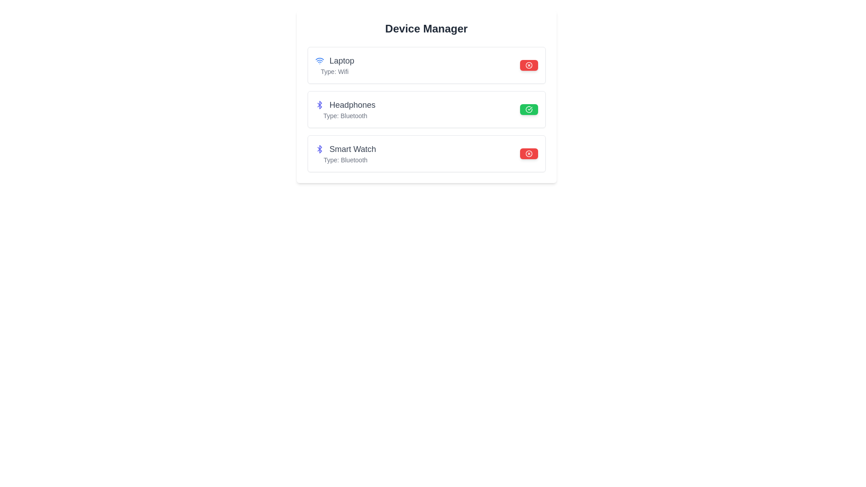 Image resolution: width=866 pixels, height=487 pixels. Describe the element at coordinates (319, 149) in the screenshot. I see `the Bluetooth connectivity icon for the 'Smart Watch' device, which is located to the left of the text 'Smart Watch'` at that location.